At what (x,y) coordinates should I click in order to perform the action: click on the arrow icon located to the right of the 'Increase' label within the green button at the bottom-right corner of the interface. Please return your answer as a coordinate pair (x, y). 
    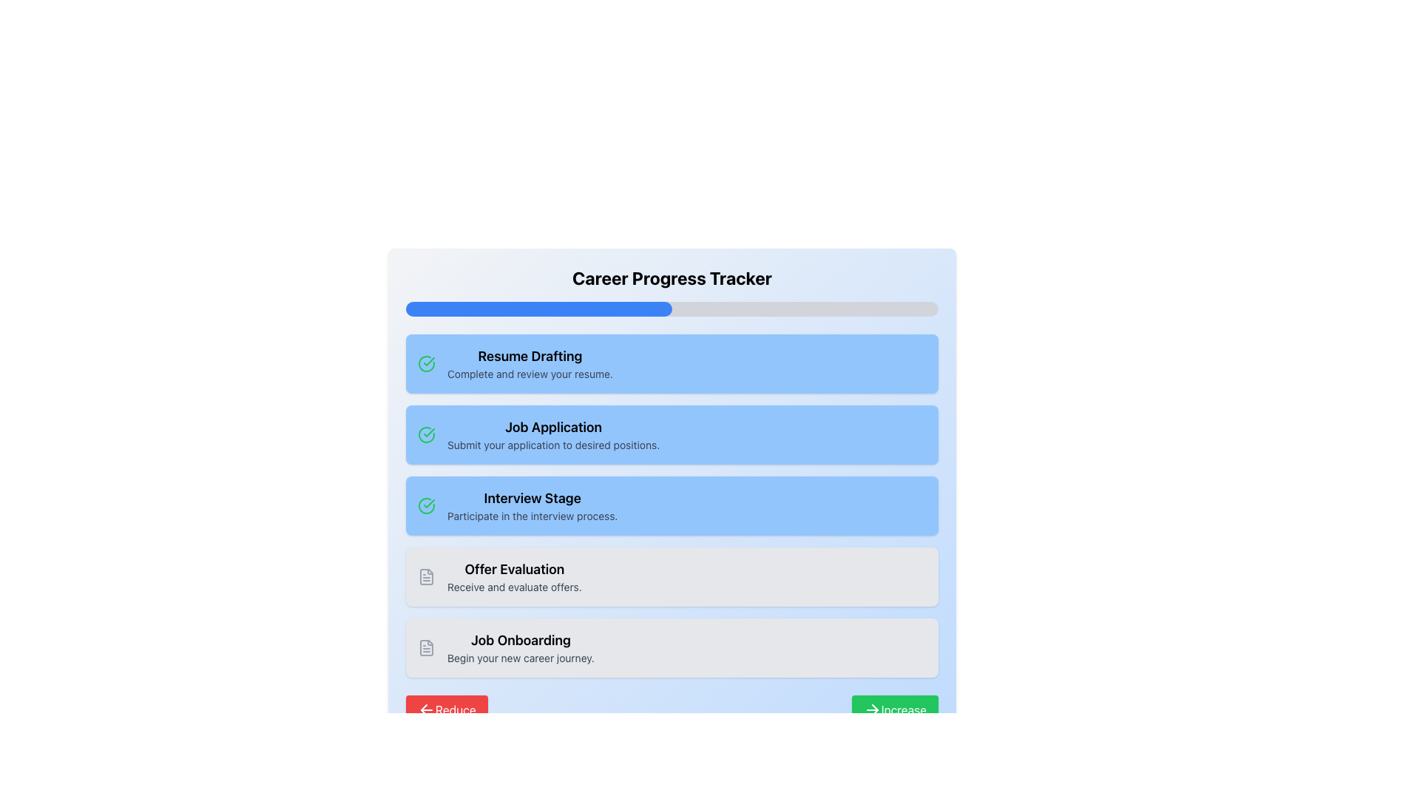
    Looking at the image, I should click on (872, 709).